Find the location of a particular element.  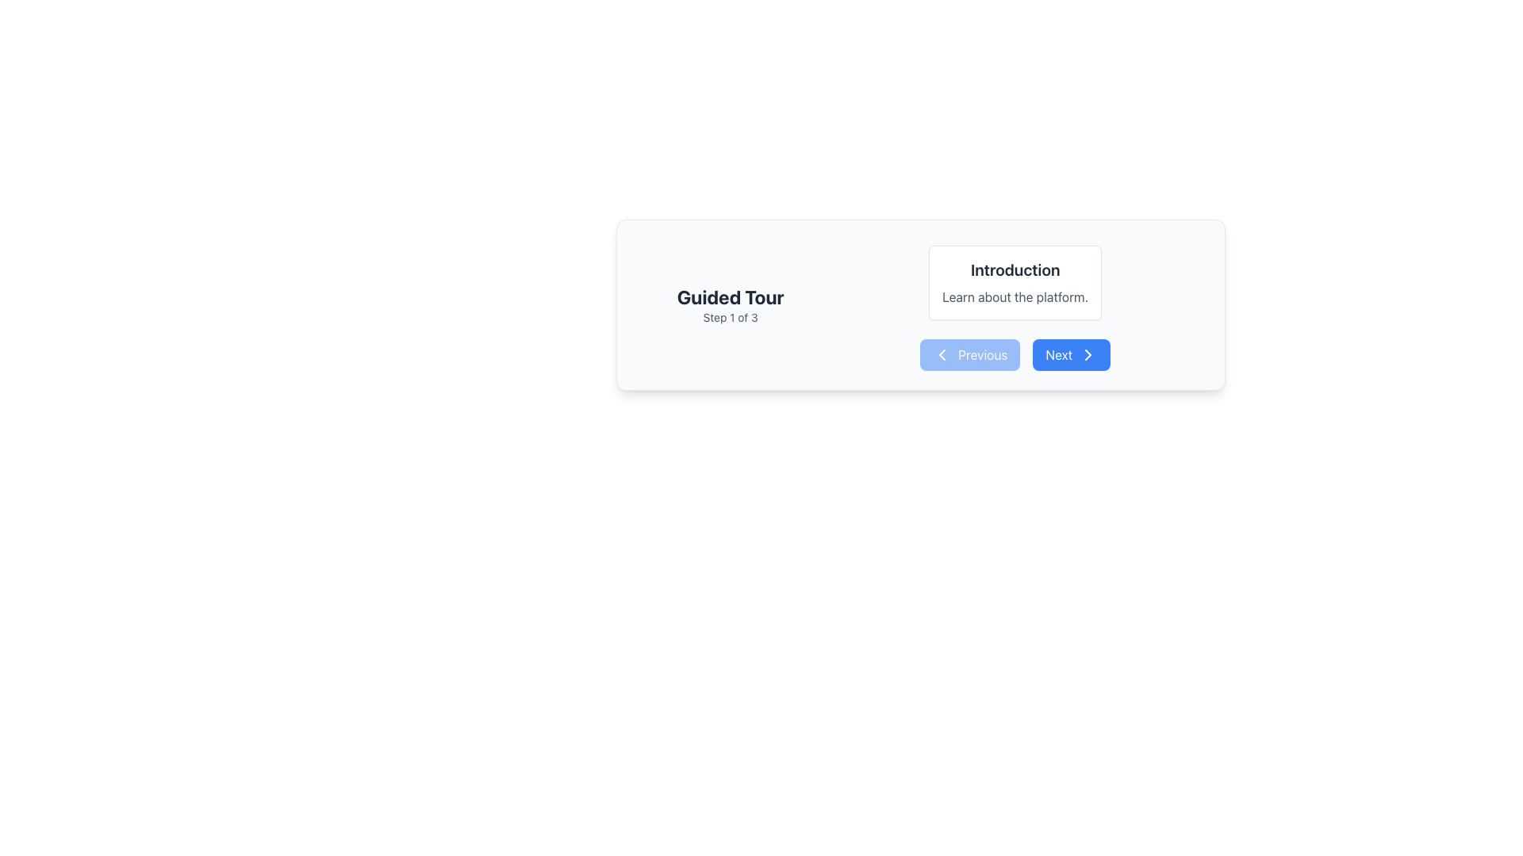

the 'Previous' button in the Navigation Button Group, which is styled with a blue background and a left-pointing arrow icon is located at coordinates (1015, 353).